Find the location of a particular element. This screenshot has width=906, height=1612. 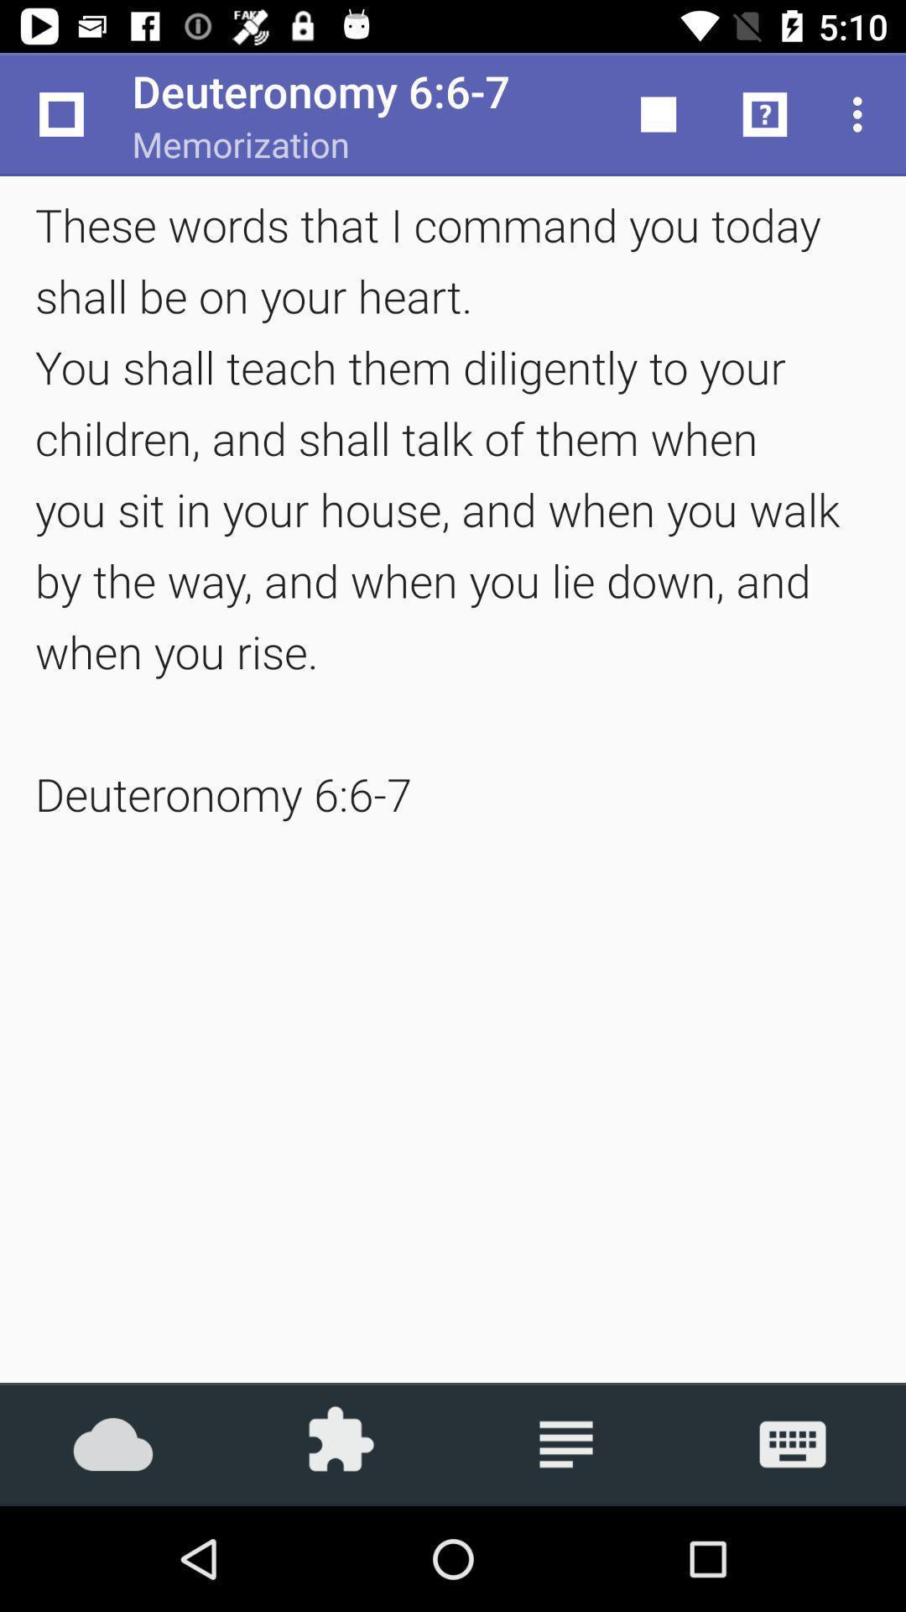

pull up keyboard is located at coordinates (793, 1443).